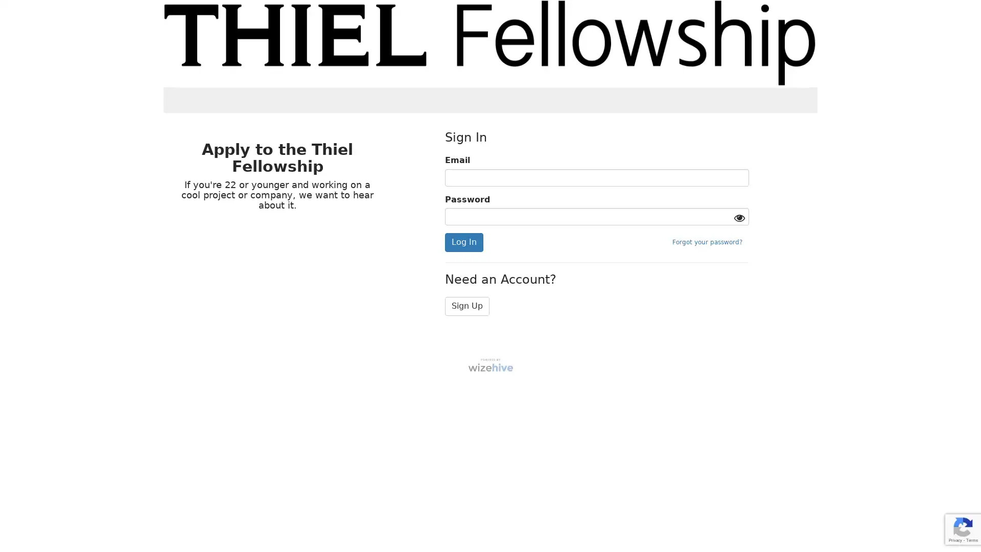  I want to click on Log In, so click(463, 242).